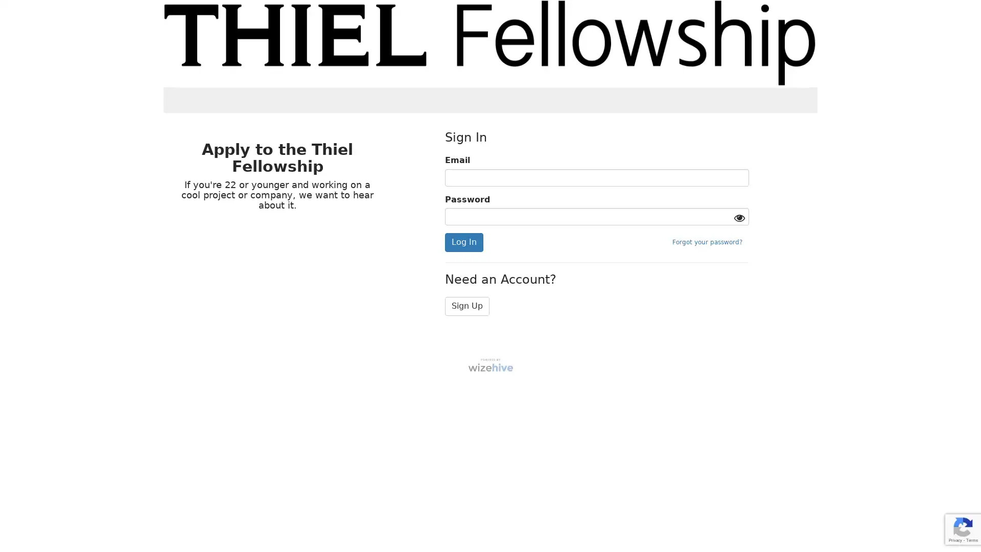  I want to click on Log In, so click(463, 242).